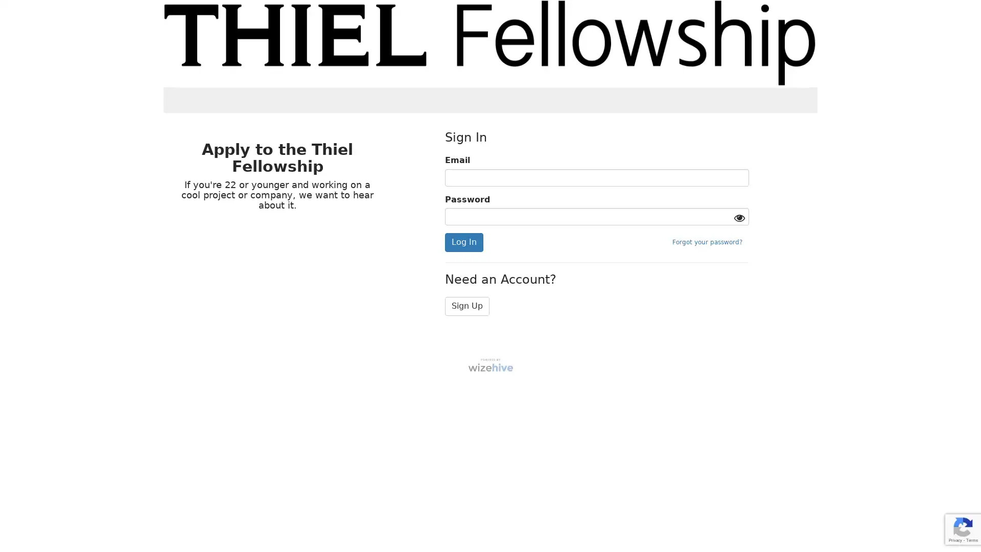  I want to click on Log In, so click(463, 242).